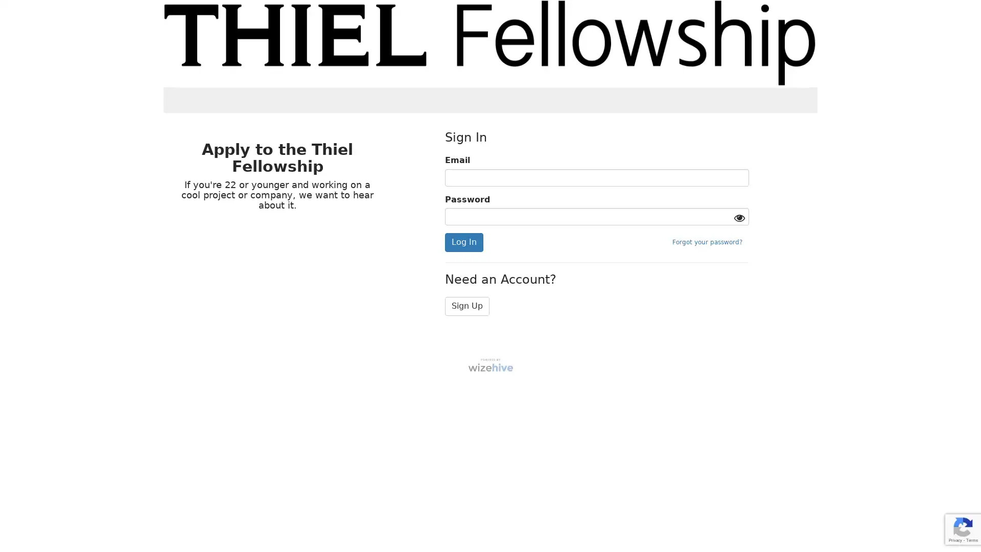  I want to click on Log In, so click(463, 242).